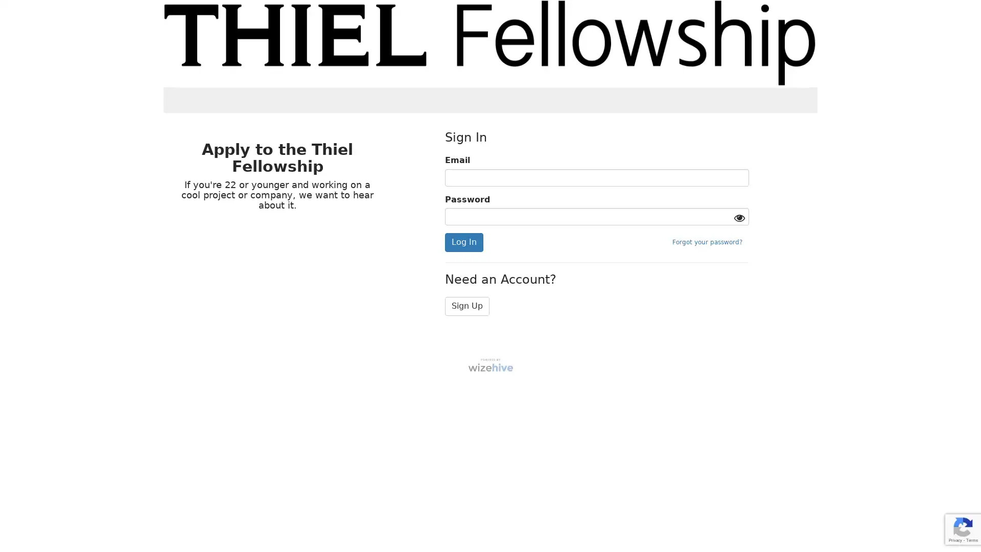  I want to click on Log In, so click(463, 242).